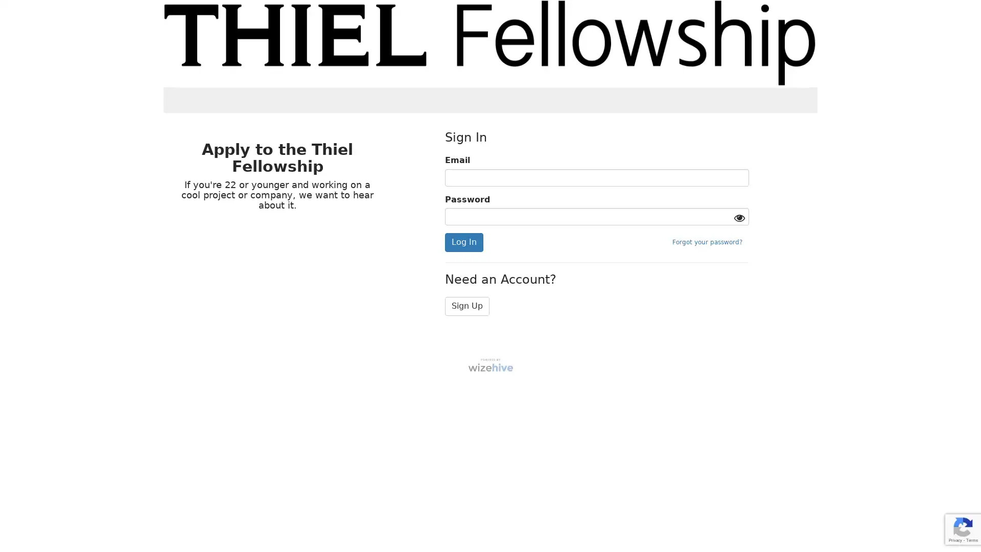  I want to click on Log In, so click(463, 242).